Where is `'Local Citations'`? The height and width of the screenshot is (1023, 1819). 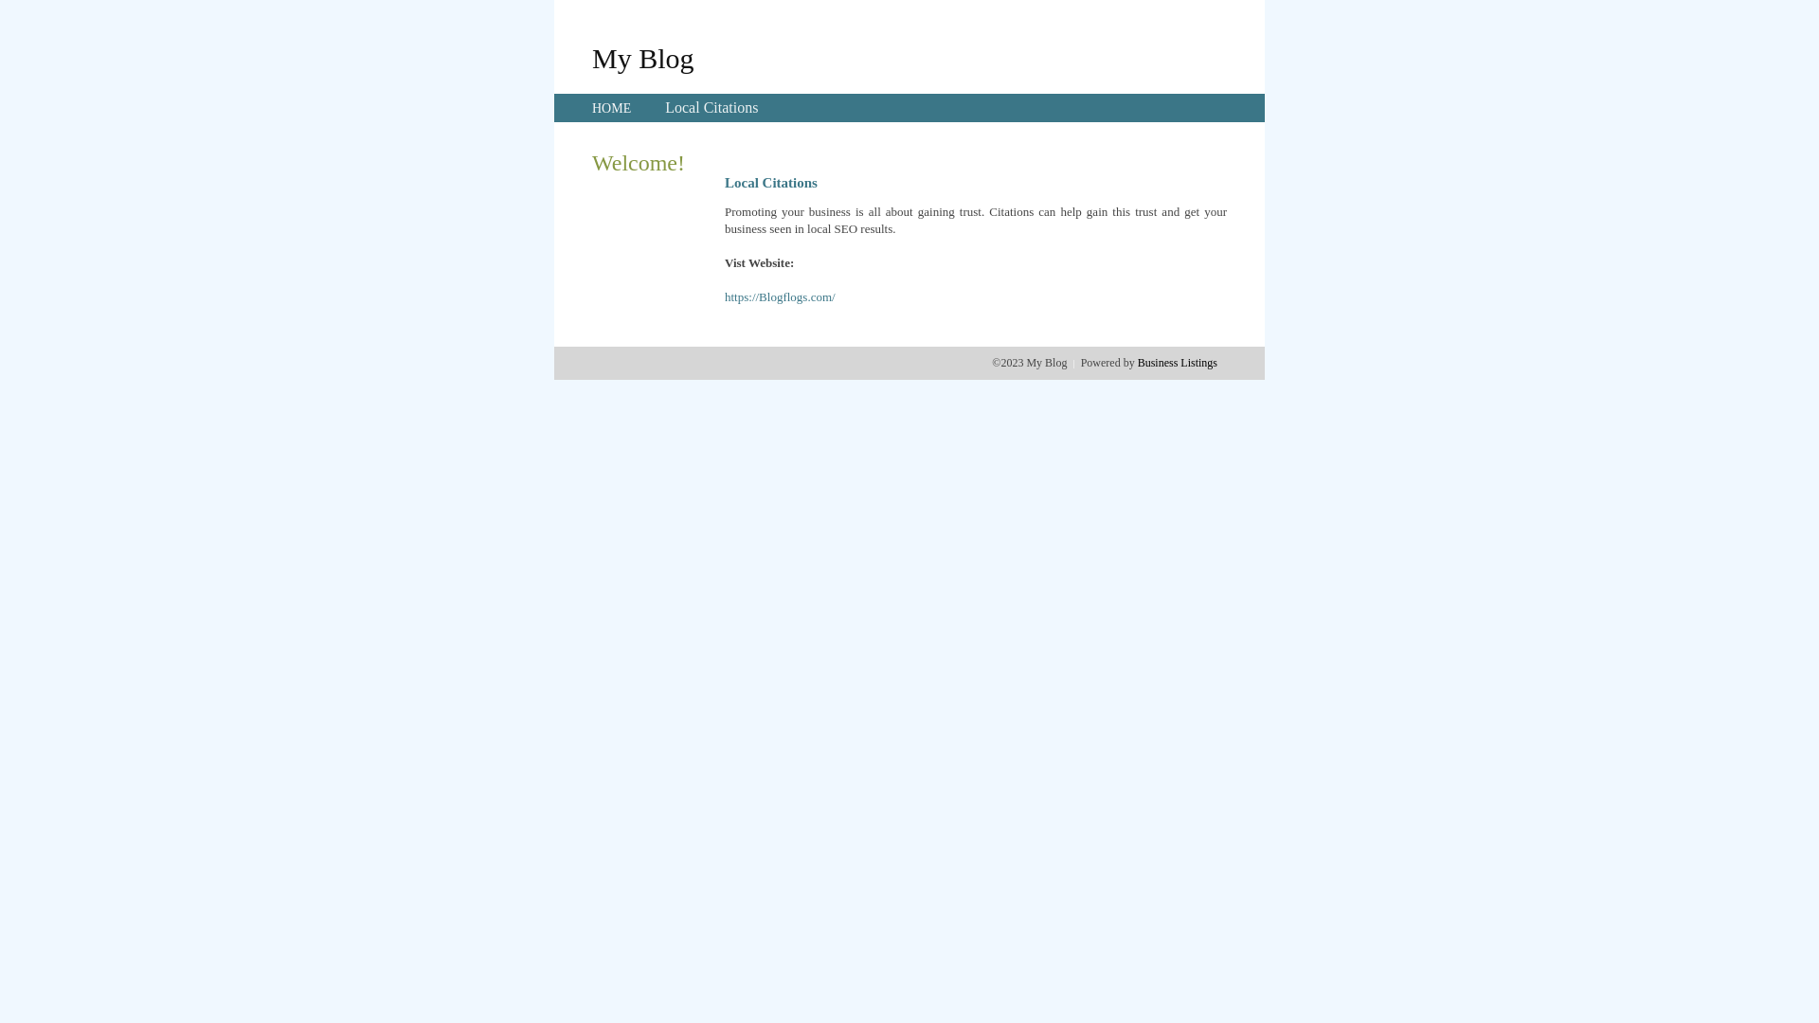
'Local Citations' is located at coordinates (710, 107).